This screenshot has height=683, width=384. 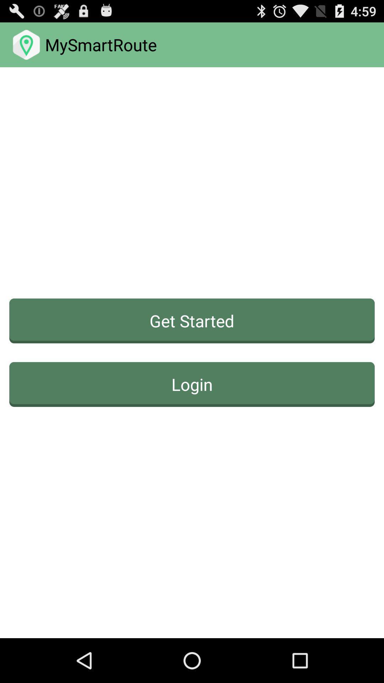 What do you see at coordinates (192, 384) in the screenshot?
I see `the login item` at bounding box center [192, 384].